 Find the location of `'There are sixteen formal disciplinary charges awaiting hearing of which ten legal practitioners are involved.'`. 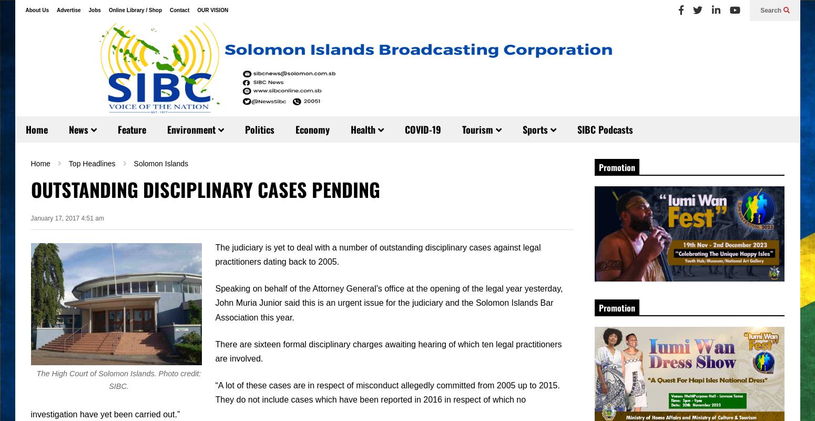

'There are sixteen formal disciplinary charges awaiting hearing of which ten legal practitioners are involved.' is located at coordinates (388, 350).